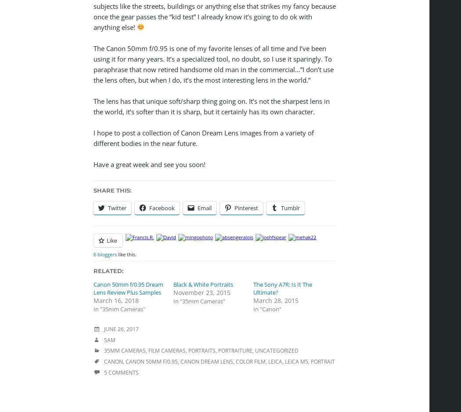 This screenshot has width=461, height=412. What do you see at coordinates (211, 105) in the screenshot?
I see `'The lens has that unique soft/sharp thing going on. It’s not the sharpest lens in the world, it’s softer than it is sharp, but it certainly has its own character.'` at bounding box center [211, 105].